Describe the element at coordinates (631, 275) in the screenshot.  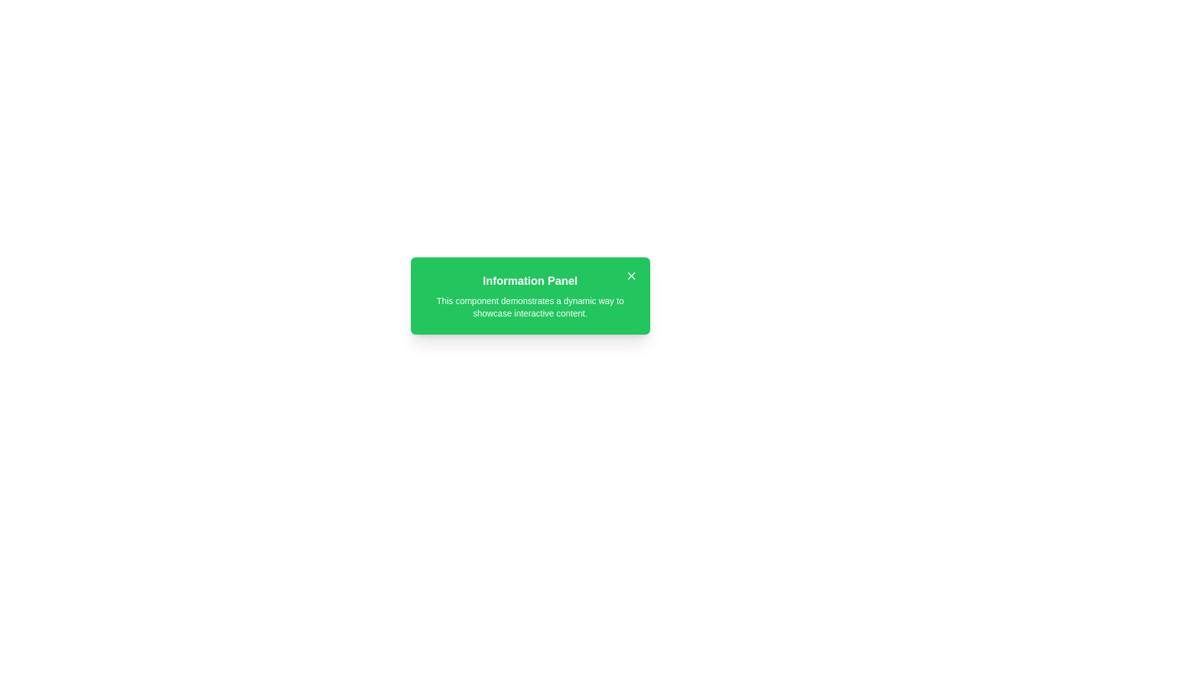
I see `the small 'X' icon button located in the top right corner of the green information panel` at that location.